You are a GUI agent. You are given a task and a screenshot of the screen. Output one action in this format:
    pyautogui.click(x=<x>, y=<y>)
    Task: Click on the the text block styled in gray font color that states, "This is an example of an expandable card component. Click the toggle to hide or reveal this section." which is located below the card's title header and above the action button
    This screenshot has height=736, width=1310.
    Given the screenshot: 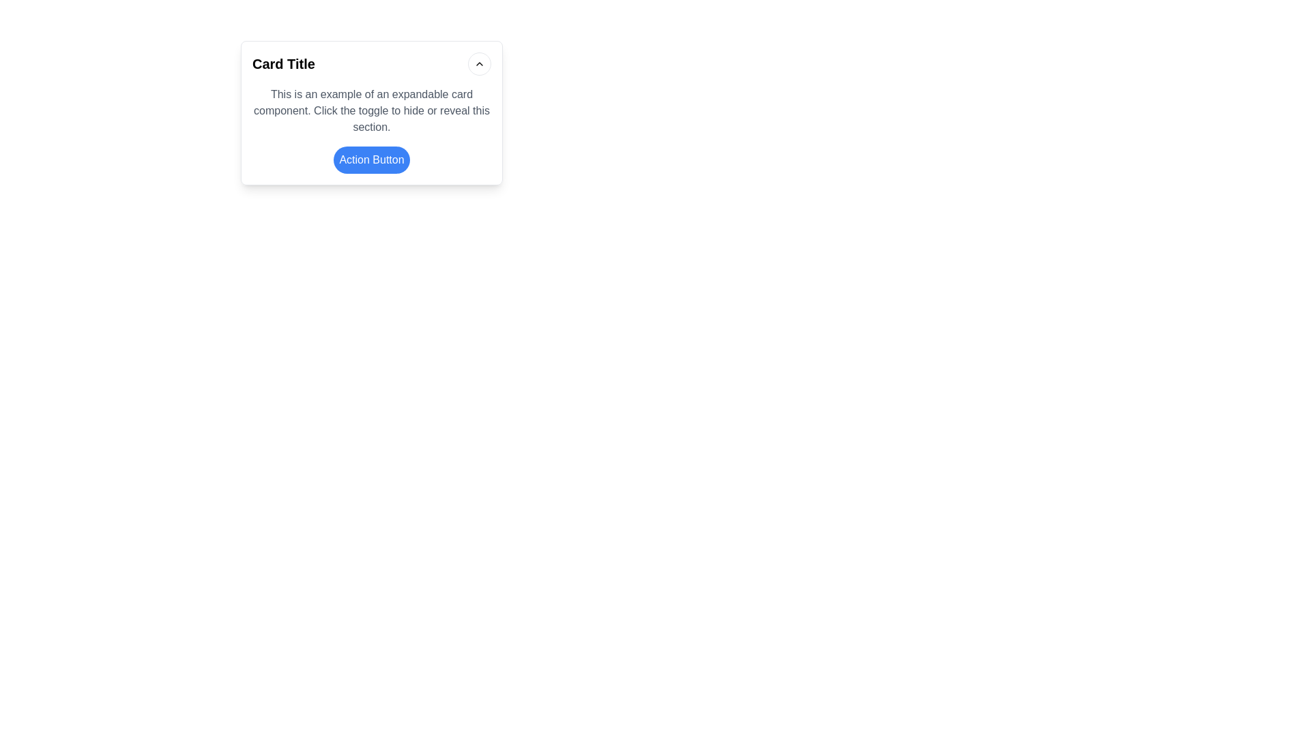 What is the action you would take?
    pyautogui.click(x=372, y=110)
    